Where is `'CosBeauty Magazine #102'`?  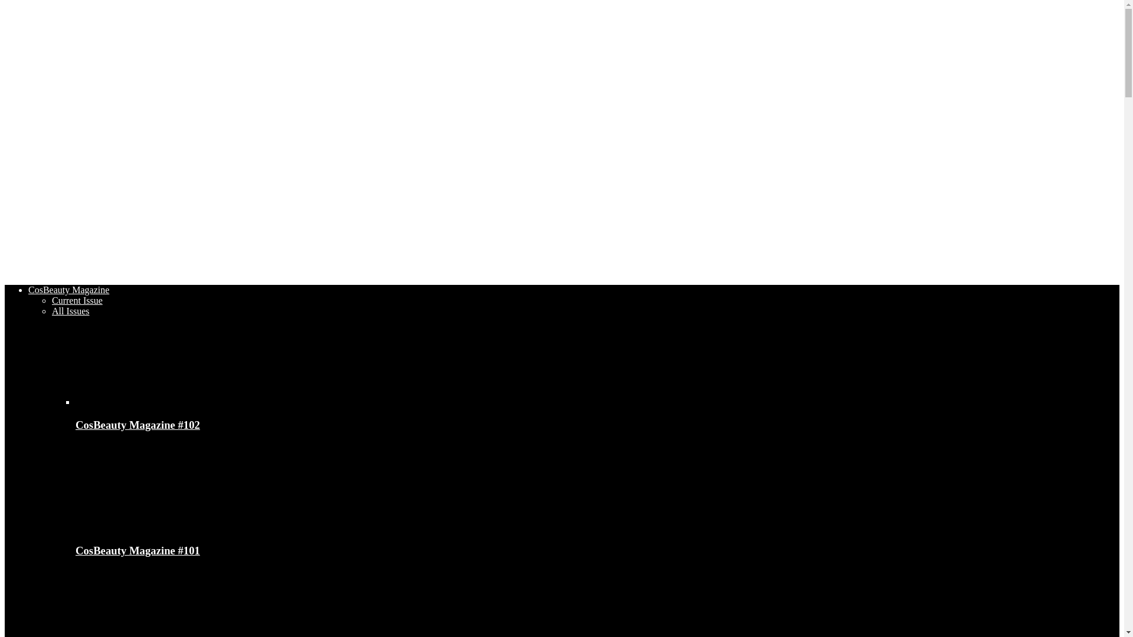 'CosBeauty Magazine #102' is located at coordinates (137, 425).